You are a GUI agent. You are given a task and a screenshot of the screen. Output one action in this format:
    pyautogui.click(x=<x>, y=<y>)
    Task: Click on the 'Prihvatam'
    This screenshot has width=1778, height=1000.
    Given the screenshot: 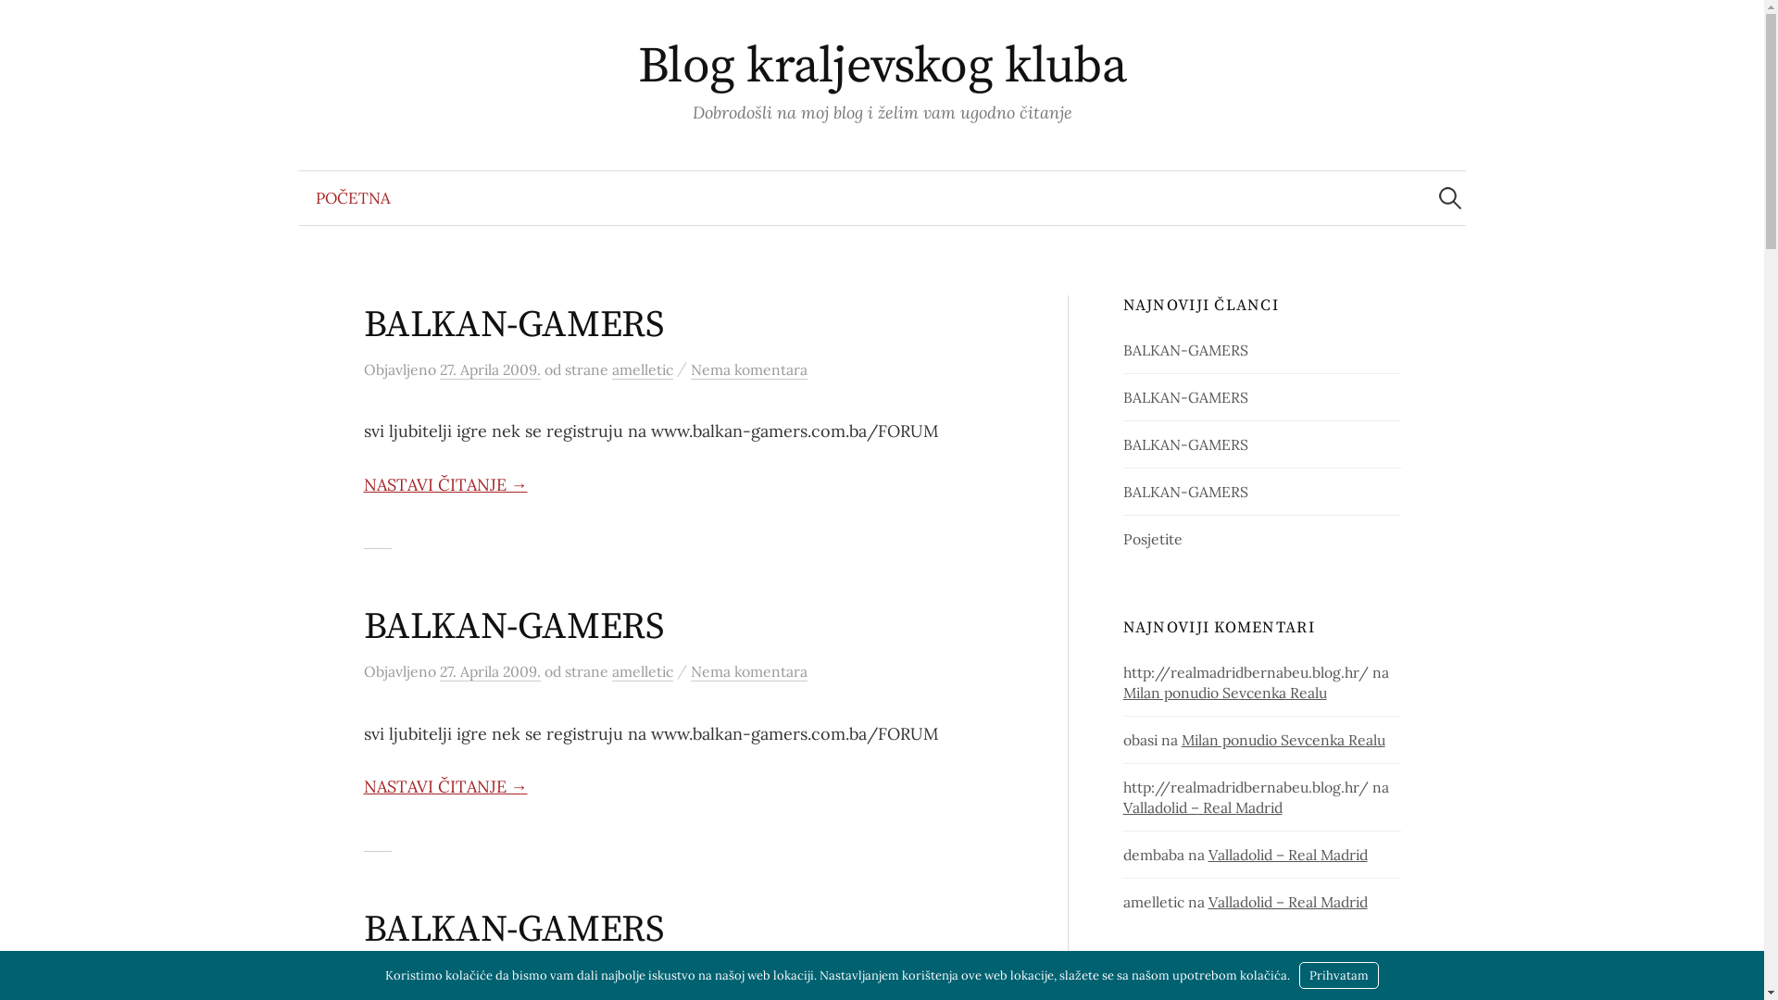 What is the action you would take?
    pyautogui.click(x=1338, y=974)
    